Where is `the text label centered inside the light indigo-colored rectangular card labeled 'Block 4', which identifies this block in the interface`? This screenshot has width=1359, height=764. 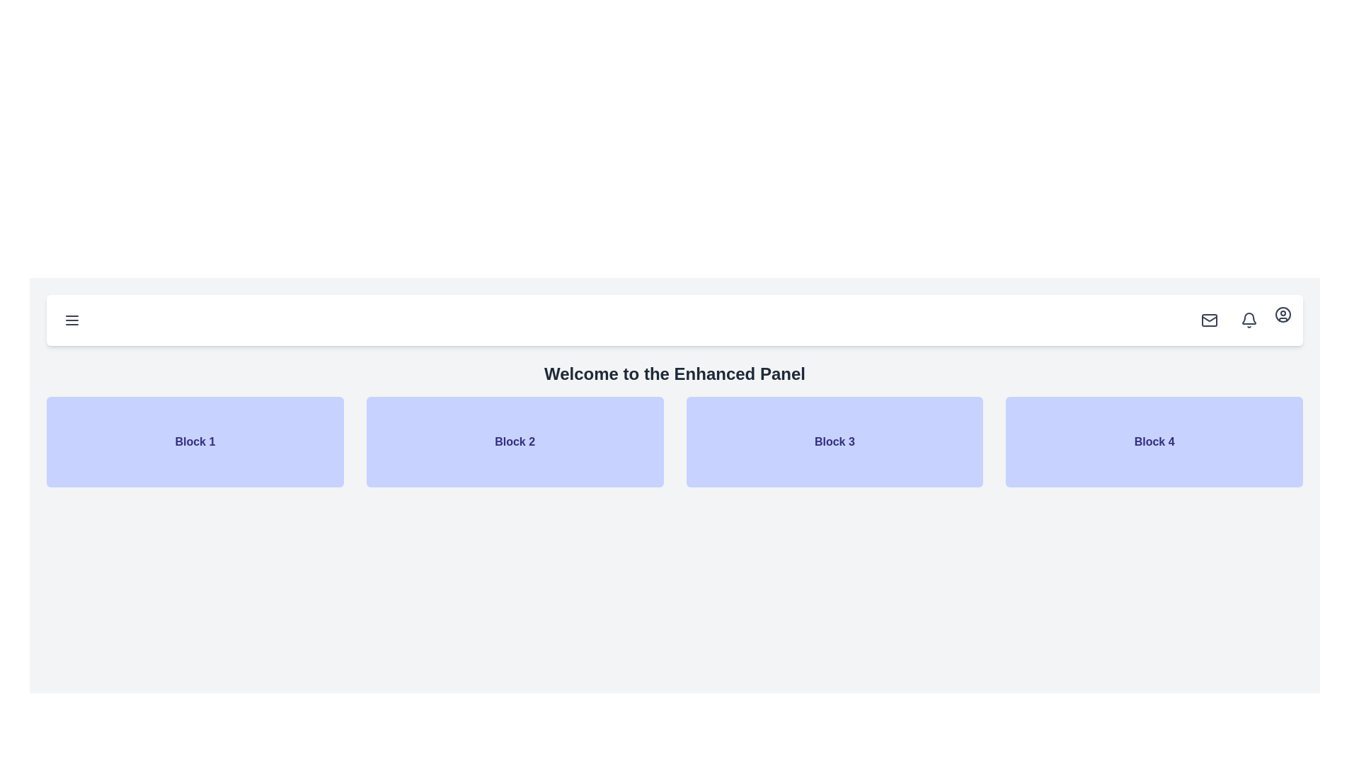
the text label centered inside the light indigo-colored rectangular card labeled 'Block 4', which identifies this block in the interface is located at coordinates (1154, 441).